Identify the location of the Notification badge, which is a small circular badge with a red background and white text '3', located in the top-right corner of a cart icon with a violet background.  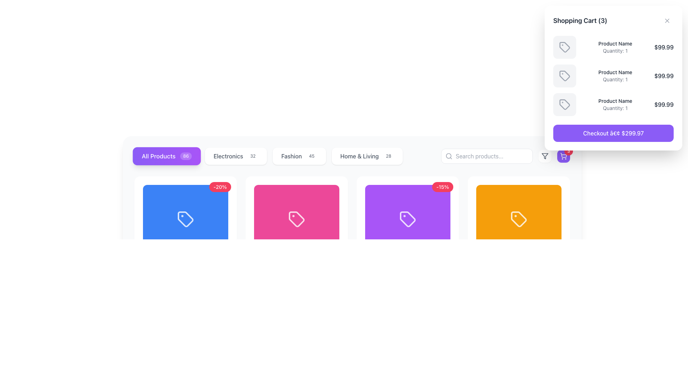
(568, 150).